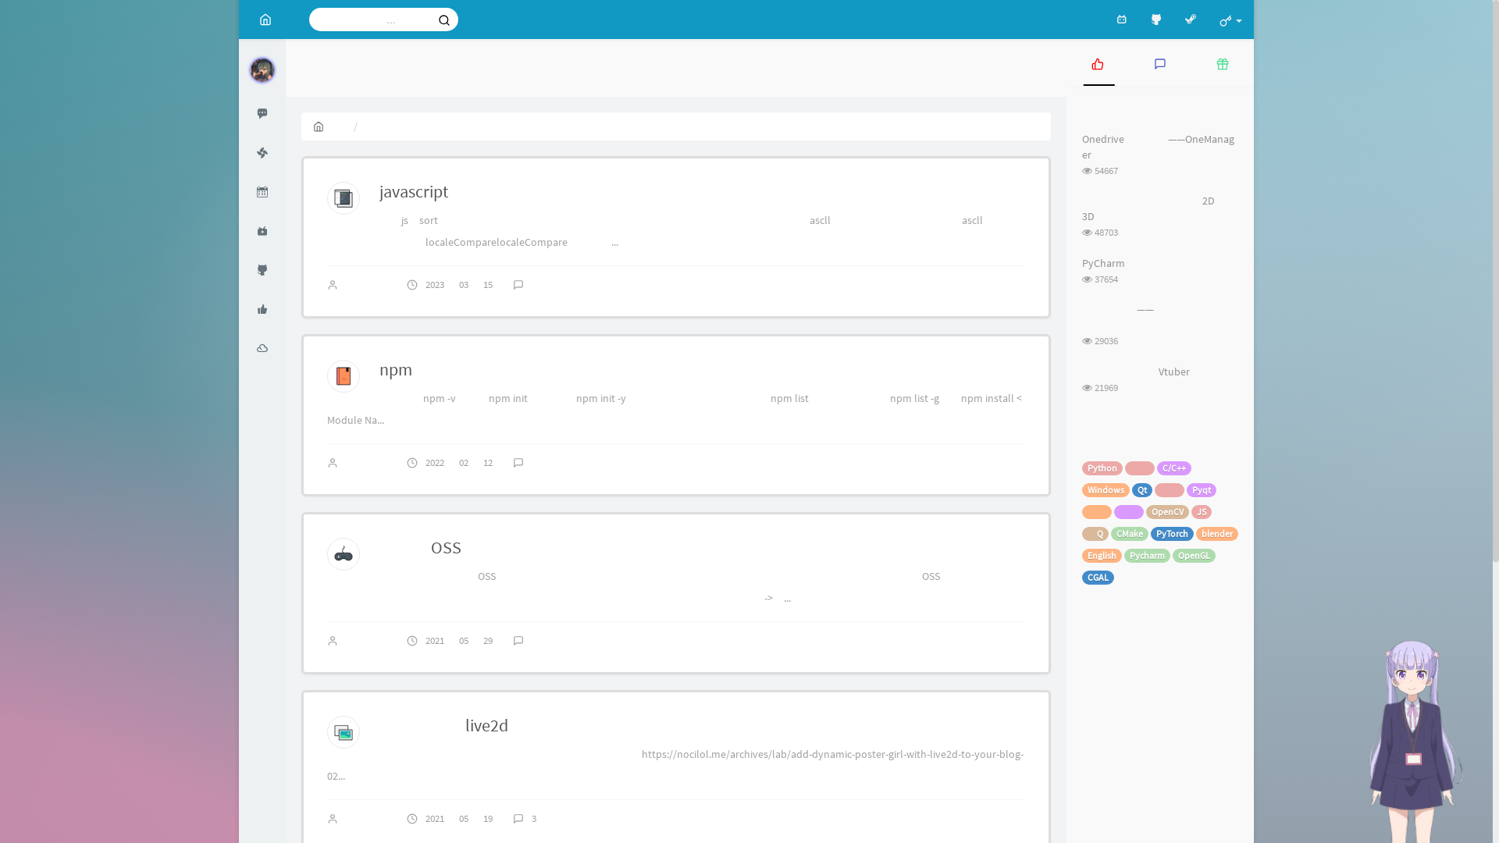 Image resolution: width=1499 pixels, height=843 pixels. What do you see at coordinates (1131, 489) in the screenshot?
I see `'Qt'` at bounding box center [1131, 489].